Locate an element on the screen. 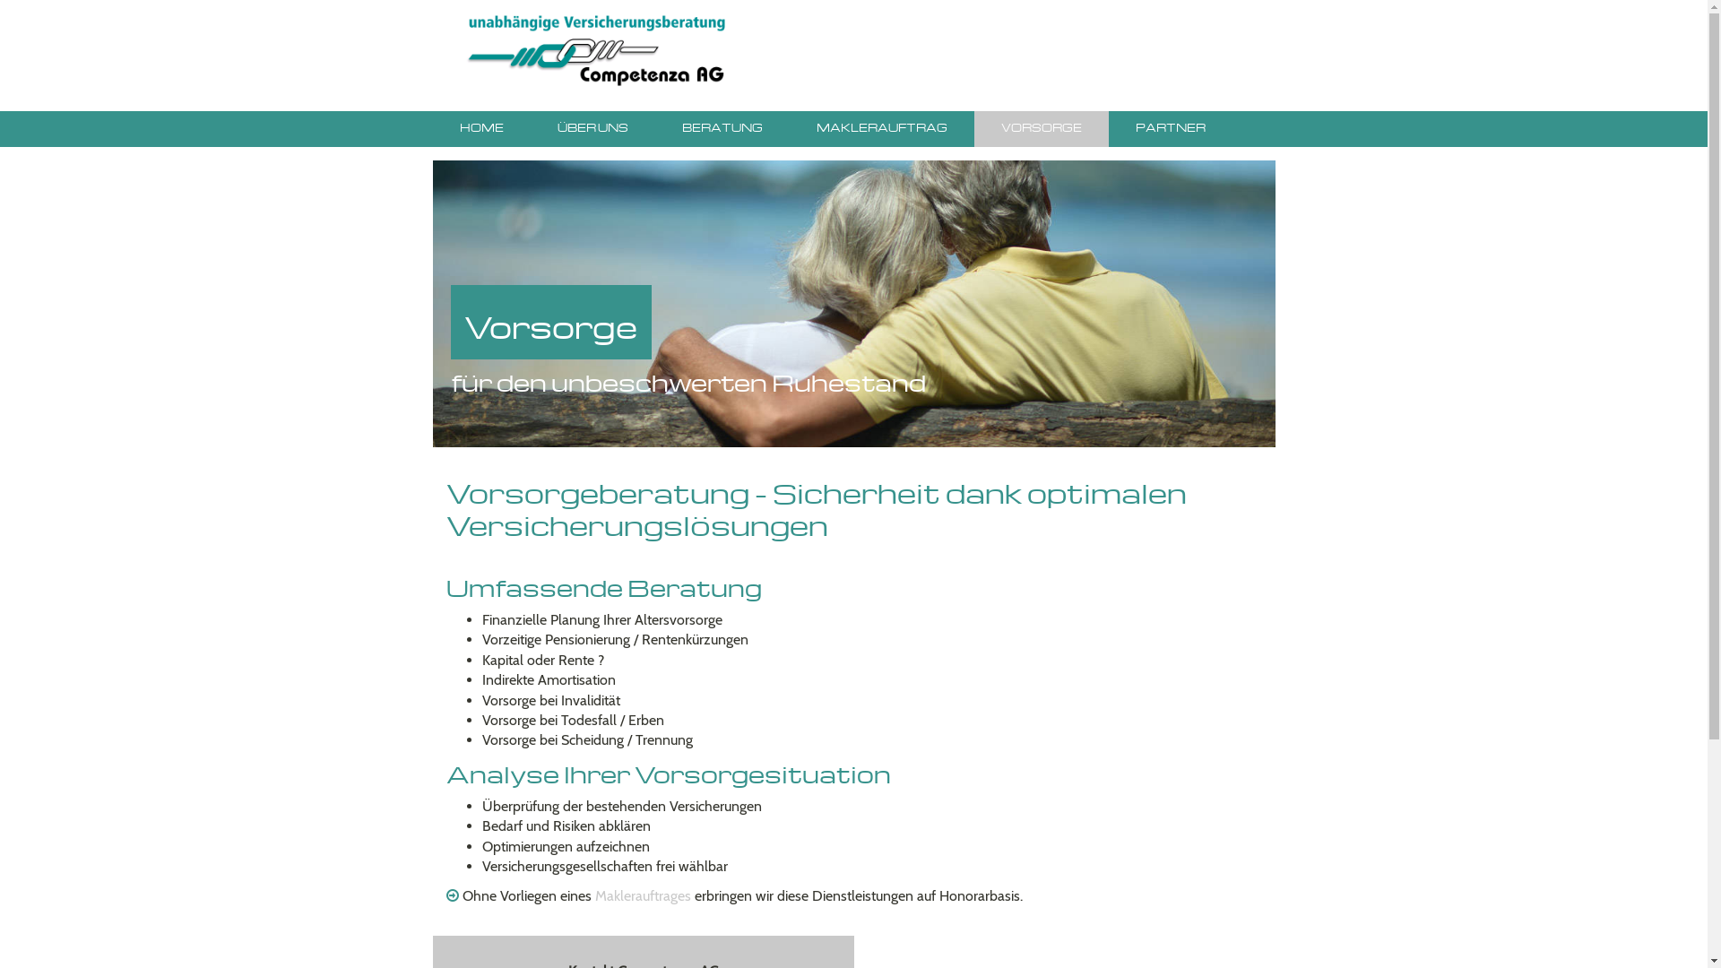  'BERATUNG' is located at coordinates (722, 127).